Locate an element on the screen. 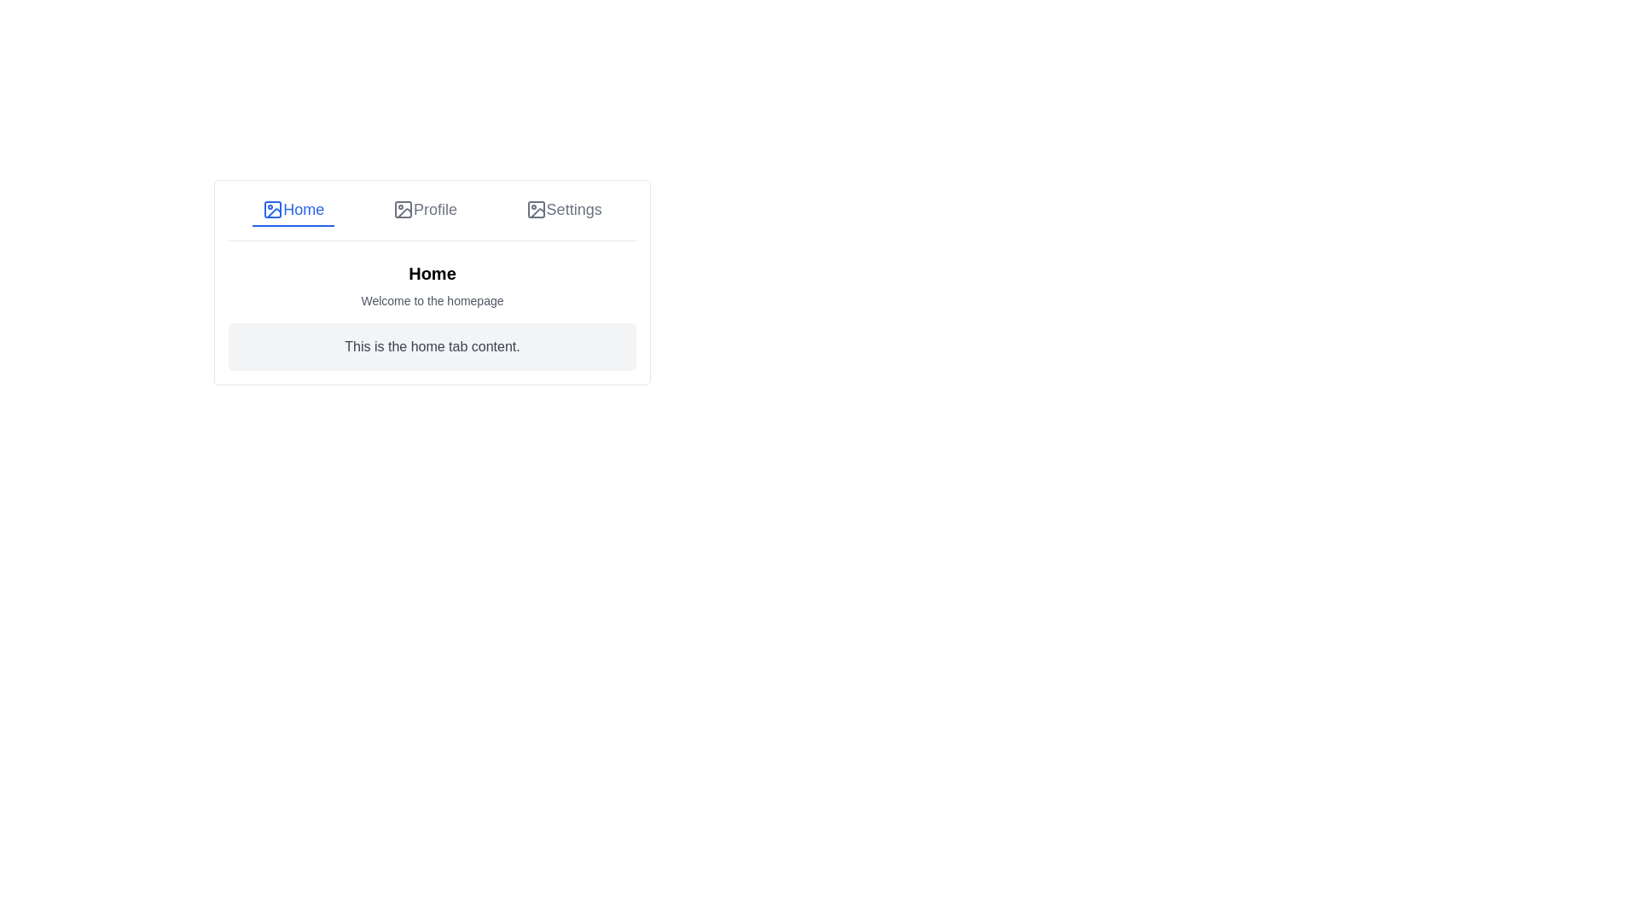 This screenshot has width=1638, height=921. the base rectangle shape of the 'Settings' tab icon located on the rightmost side of the tab bar is located at coordinates (535, 209).